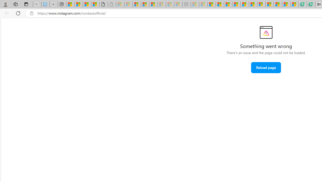 The height and width of the screenshot is (181, 322). I want to click on 'US Heat Deaths Soared To Record High Last Year', so click(269, 4).